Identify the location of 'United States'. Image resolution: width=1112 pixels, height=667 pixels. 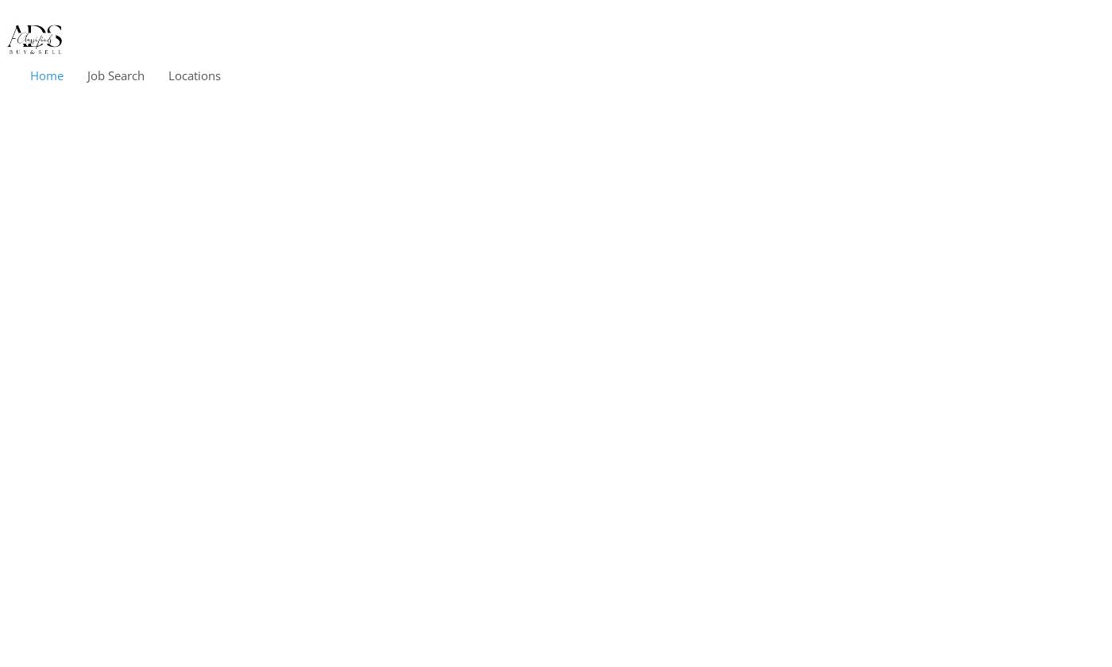
(183, 169).